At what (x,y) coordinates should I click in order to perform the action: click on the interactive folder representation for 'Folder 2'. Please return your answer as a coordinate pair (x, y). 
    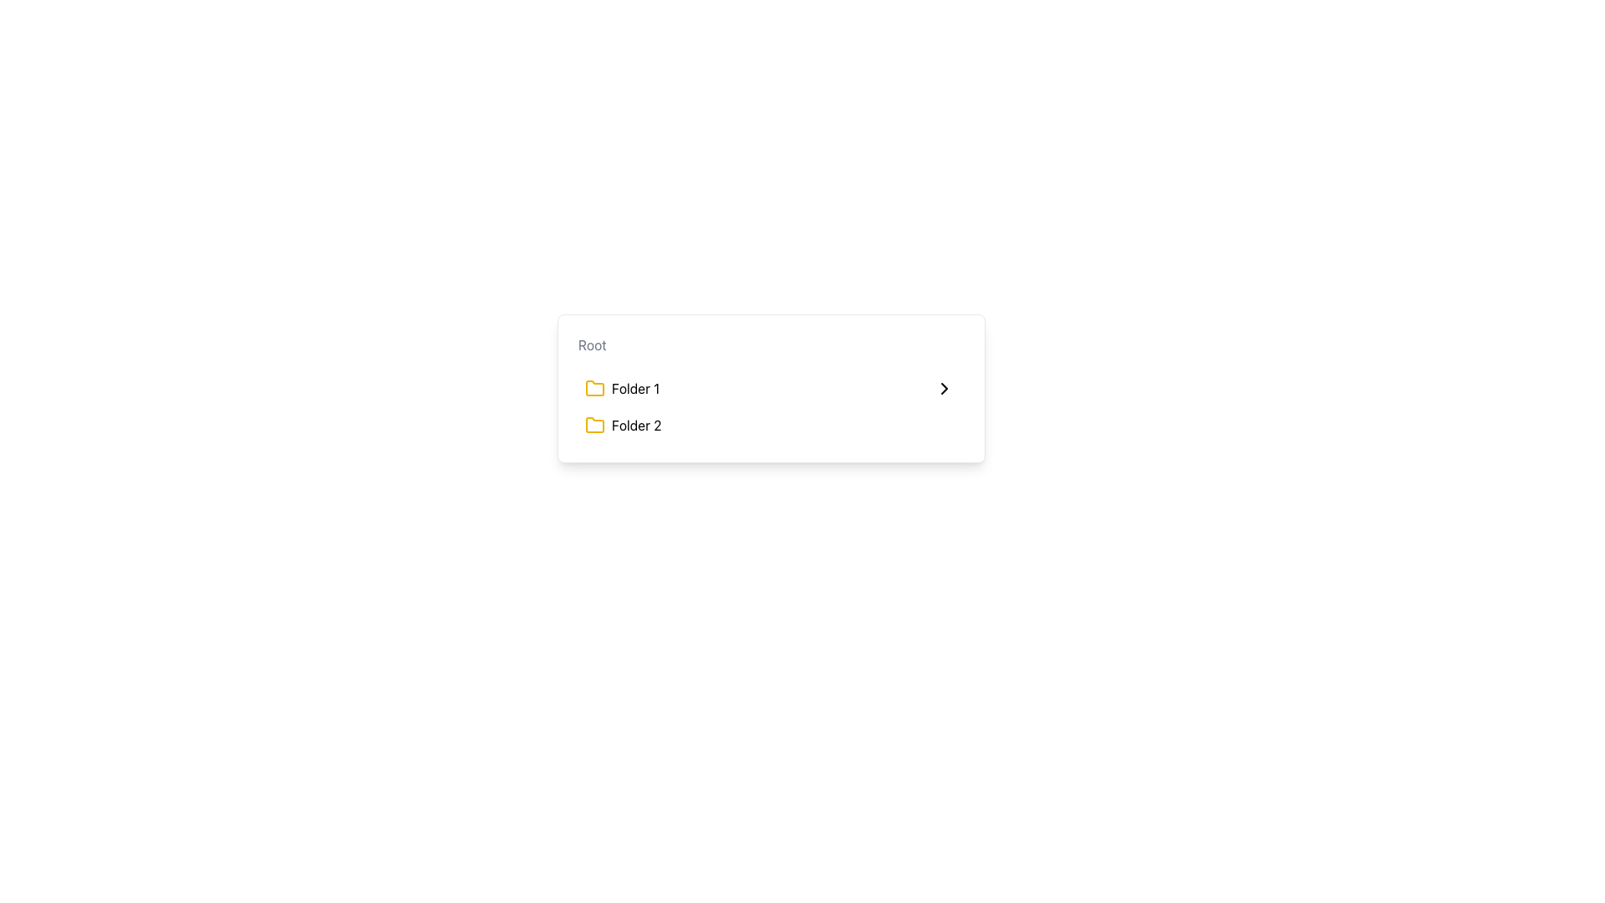
    Looking at the image, I should click on (622, 425).